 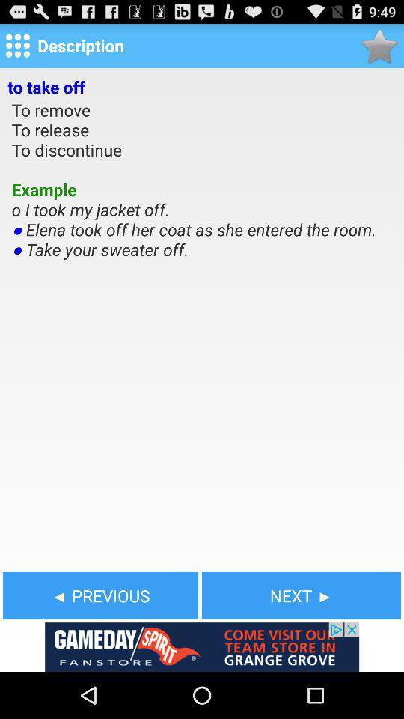 I want to click on show advertisements detail, so click(x=202, y=646).